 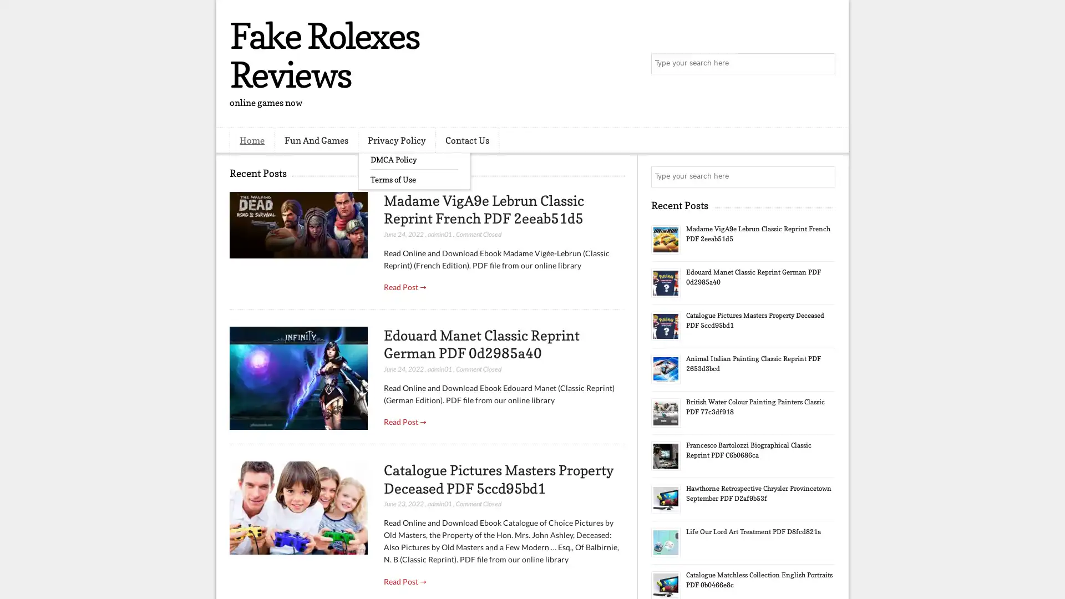 I want to click on Search, so click(x=824, y=64).